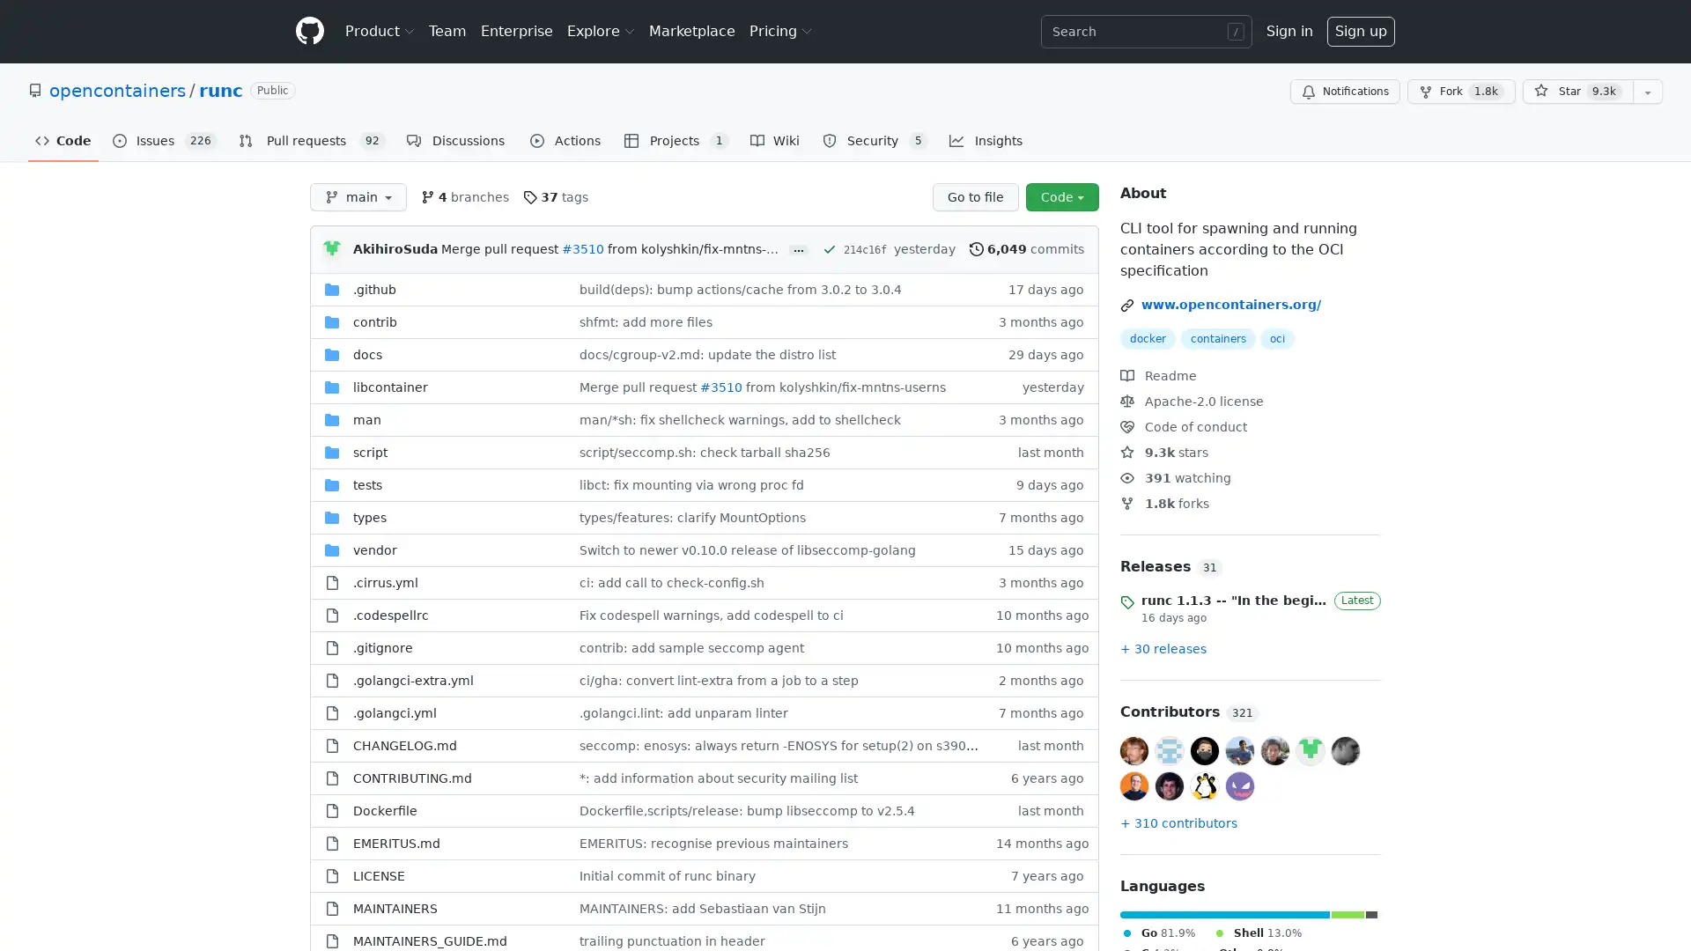 This screenshot has height=951, width=1691. What do you see at coordinates (798, 250) in the screenshot?
I see `...` at bounding box center [798, 250].